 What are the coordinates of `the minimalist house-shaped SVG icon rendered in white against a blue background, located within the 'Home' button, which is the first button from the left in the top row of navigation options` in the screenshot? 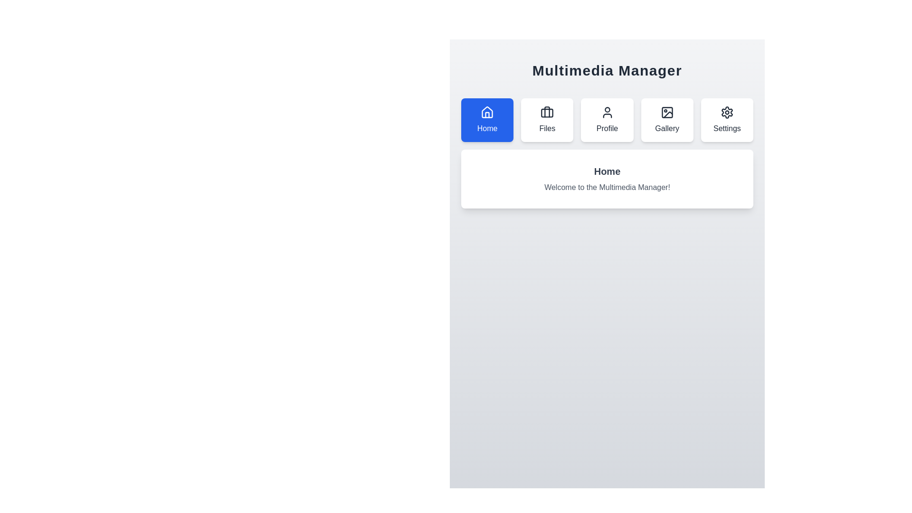 It's located at (487, 112).